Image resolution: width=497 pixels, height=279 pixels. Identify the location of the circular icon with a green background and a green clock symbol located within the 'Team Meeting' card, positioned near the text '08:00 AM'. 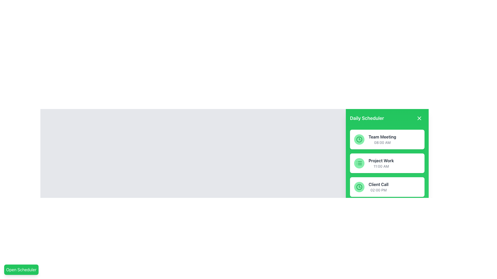
(359, 139).